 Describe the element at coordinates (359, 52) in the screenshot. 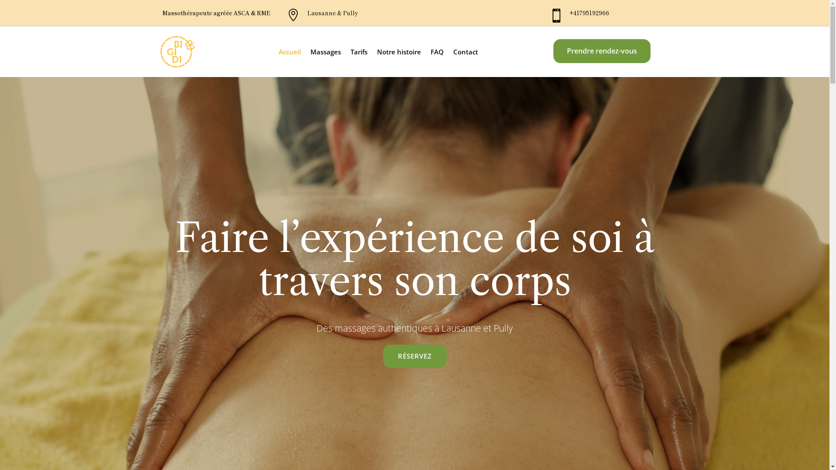

I see `'Tarifs'` at that location.